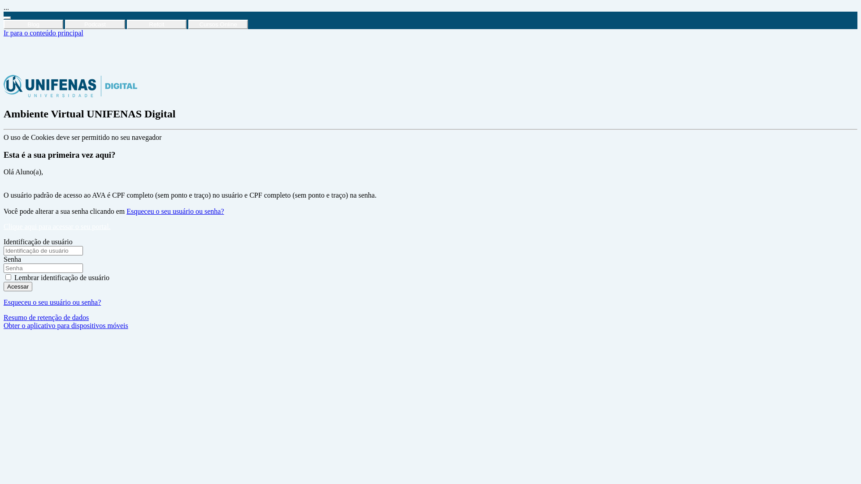 This screenshot has height=484, width=861. What do you see at coordinates (157, 24) in the screenshot?
I see `'Refcit'` at bounding box center [157, 24].